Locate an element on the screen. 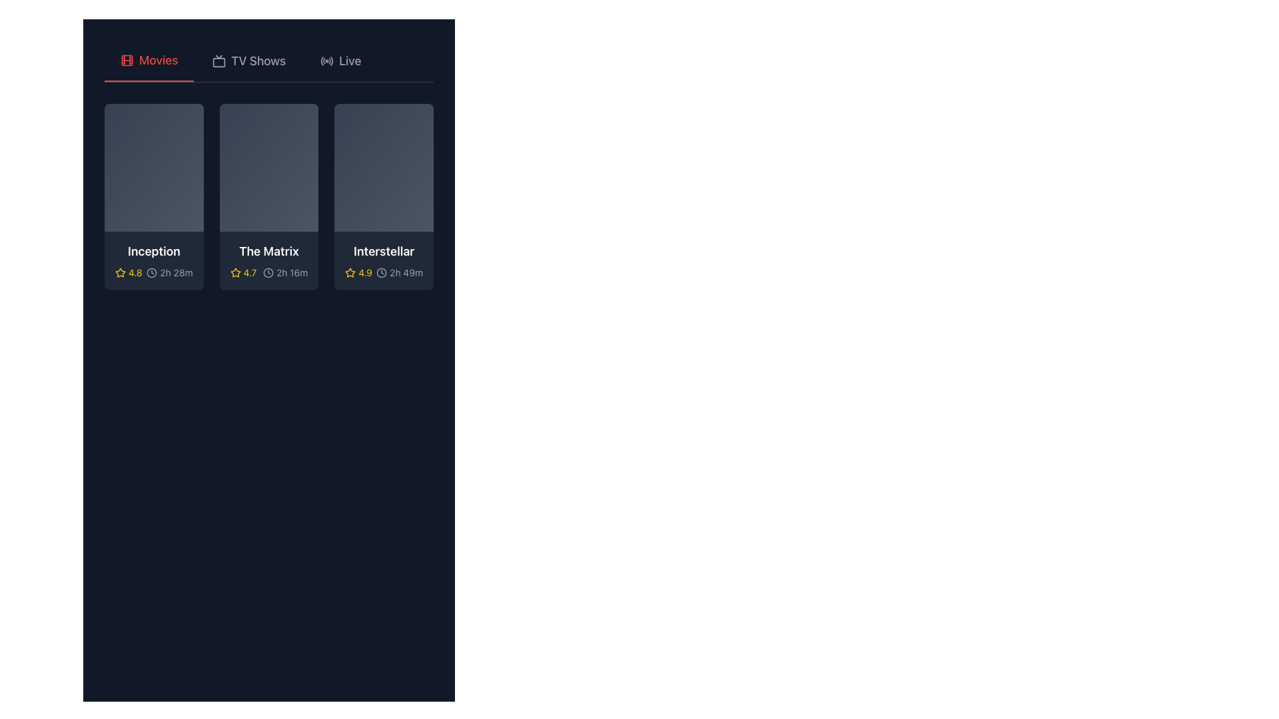  the Circle element representing the clock outline in the movie 'The Matrix', which visually conveys the movie's duration is located at coordinates (268, 272).